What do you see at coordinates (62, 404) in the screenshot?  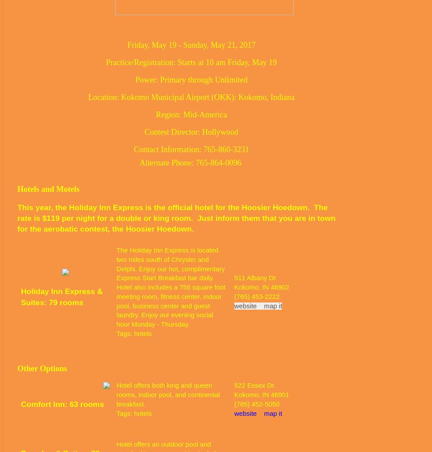 I see `'Comfort Inn: 63 rooms'` at bounding box center [62, 404].